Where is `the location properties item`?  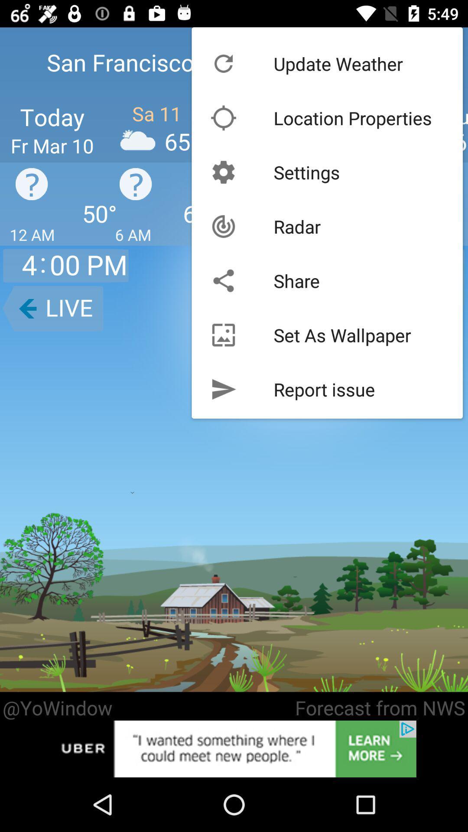 the location properties item is located at coordinates (353, 117).